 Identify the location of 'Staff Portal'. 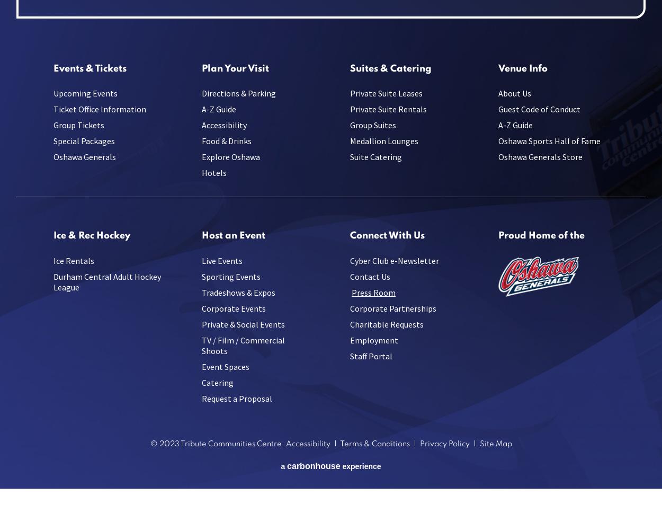
(371, 356).